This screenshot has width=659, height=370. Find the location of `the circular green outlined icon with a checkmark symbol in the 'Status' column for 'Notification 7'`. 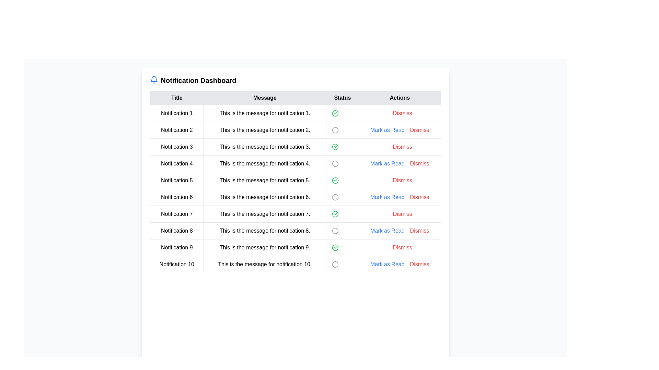

the circular green outlined icon with a checkmark symbol in the 'Status' column for 'Notification 7' is located at coordinates (335, 213).